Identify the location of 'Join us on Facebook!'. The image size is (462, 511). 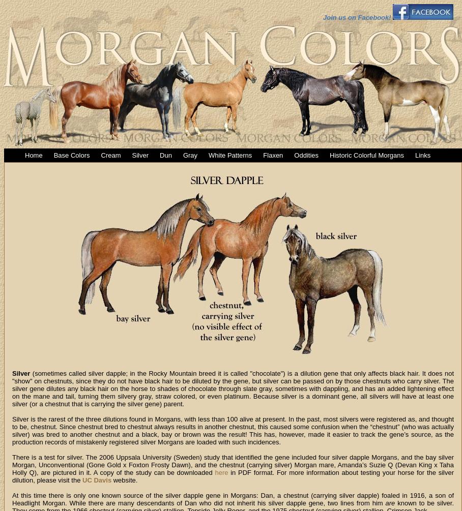
(356, 17).